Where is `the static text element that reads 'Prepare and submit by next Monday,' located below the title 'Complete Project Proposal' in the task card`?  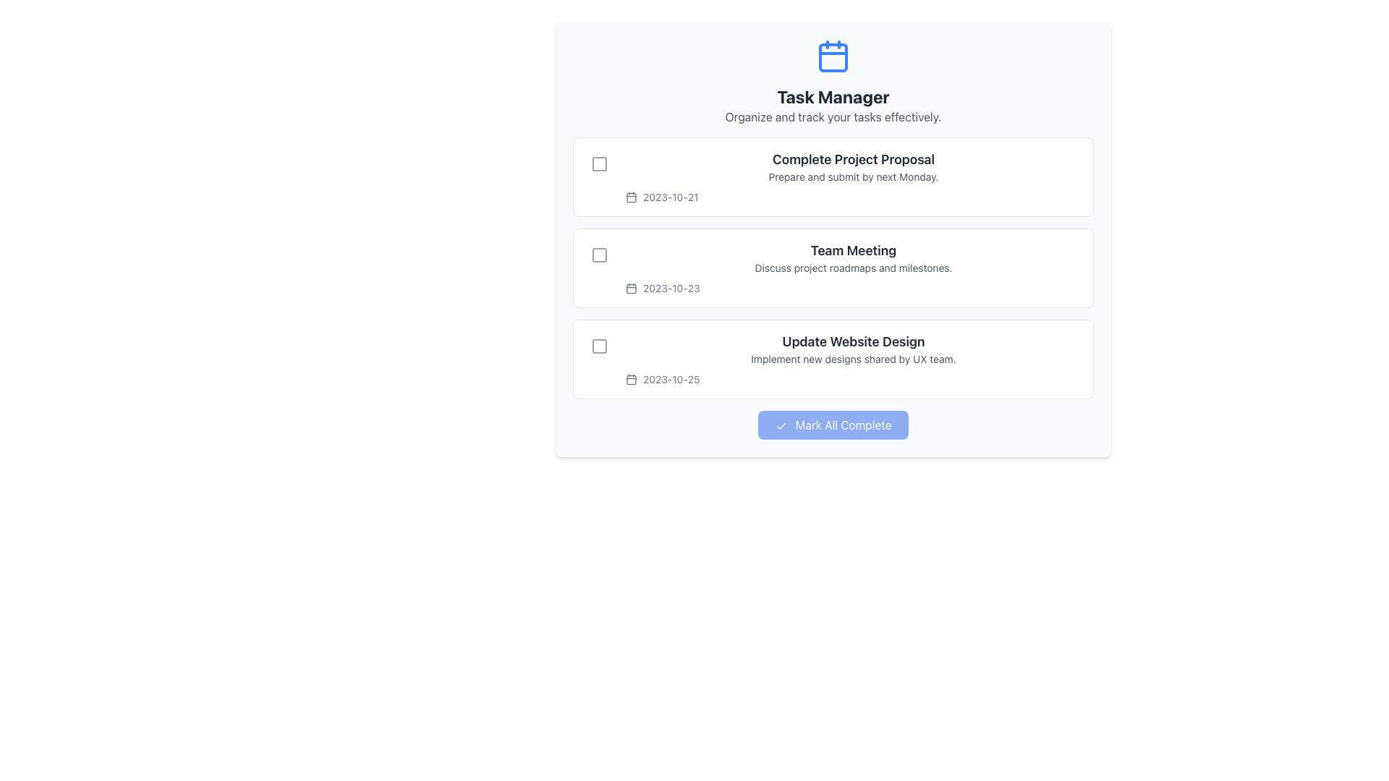
the static text element that reads 'Prepare and submit by next Monday,' located below the title 'Complete Project Proposal' in the task card is located at coordinates (854, 176).